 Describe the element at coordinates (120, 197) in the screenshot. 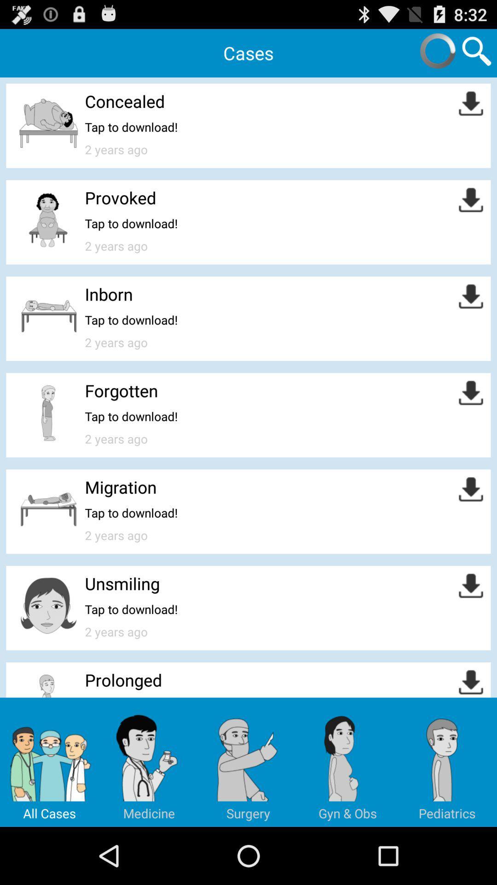

I see `provoked app` at that location.